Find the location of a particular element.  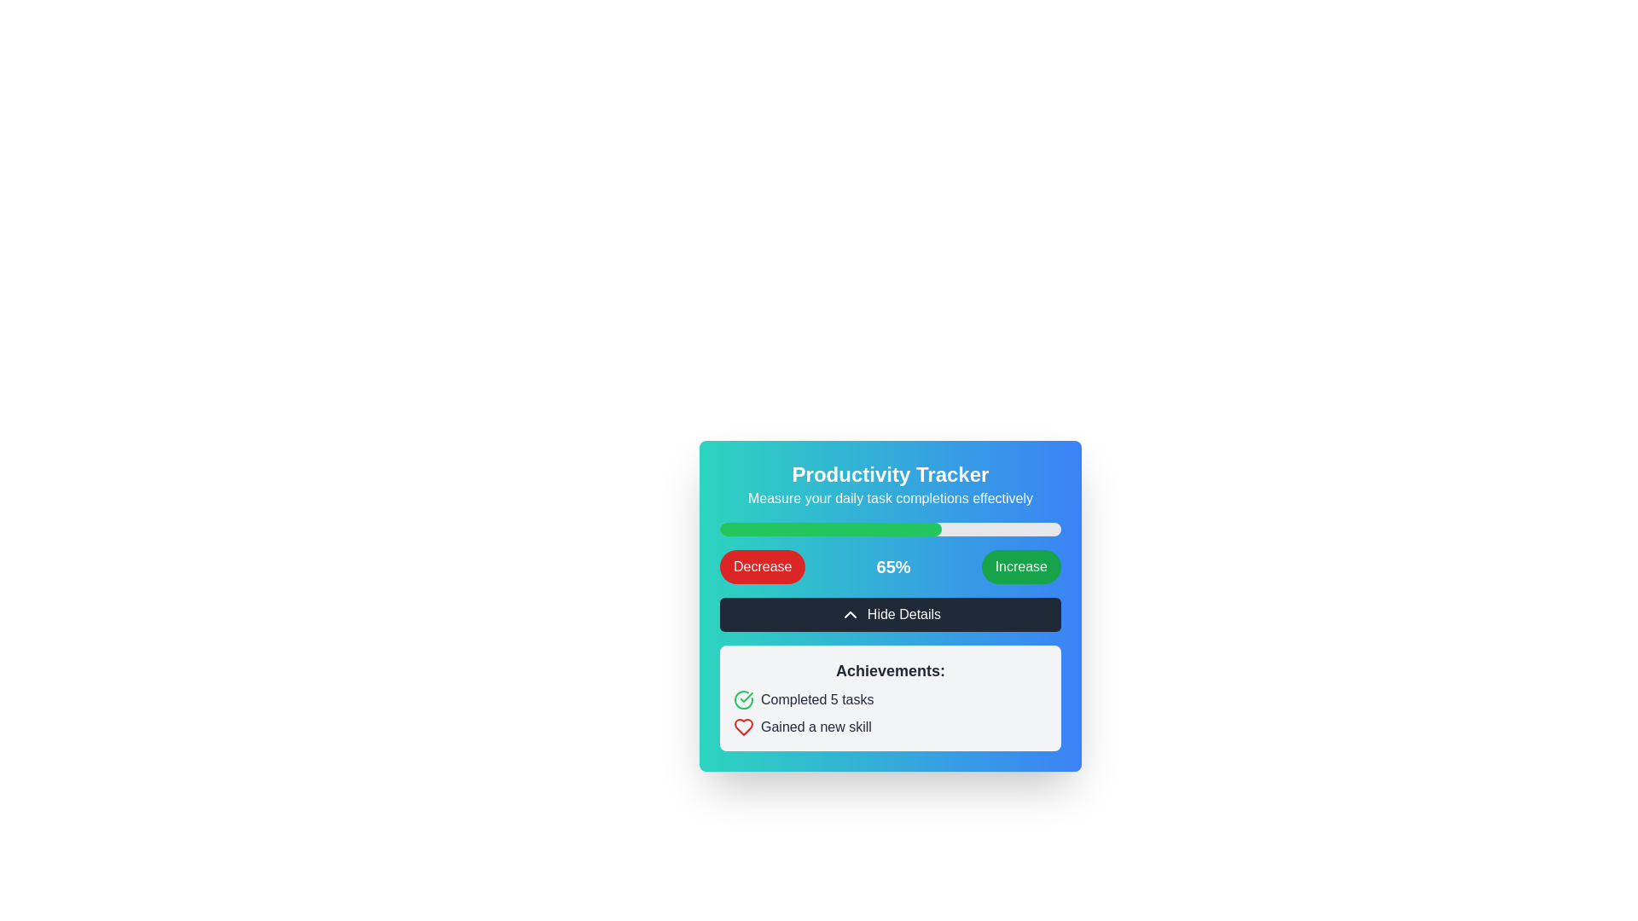

the chevron icon within the 'Hide Details' button is located at coordinates (850, 615).